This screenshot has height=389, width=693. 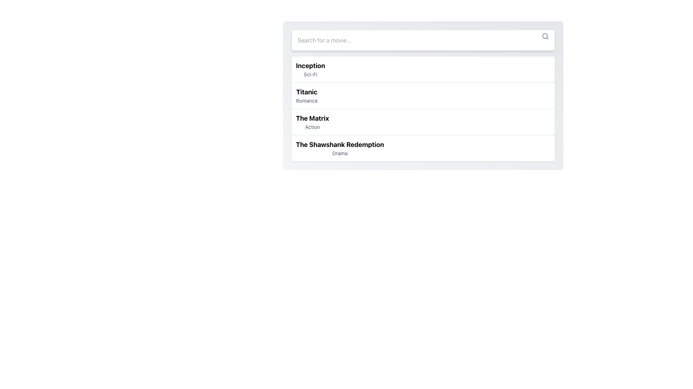 I want to click on the third movie list item displaying 'The Matrix' (Action), so click(x=312, y=122).